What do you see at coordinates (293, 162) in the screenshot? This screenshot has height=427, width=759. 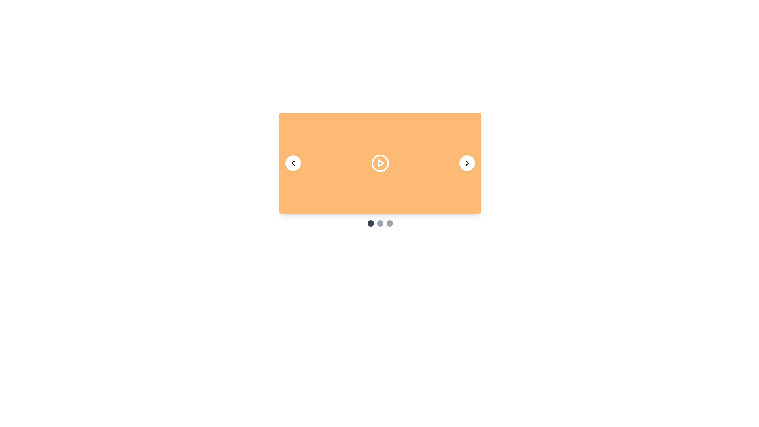 I see `the Chevron Left Icon located within a circular white background on the left side of a horizontally oriented orange panel` at bounding box center [293, 162].